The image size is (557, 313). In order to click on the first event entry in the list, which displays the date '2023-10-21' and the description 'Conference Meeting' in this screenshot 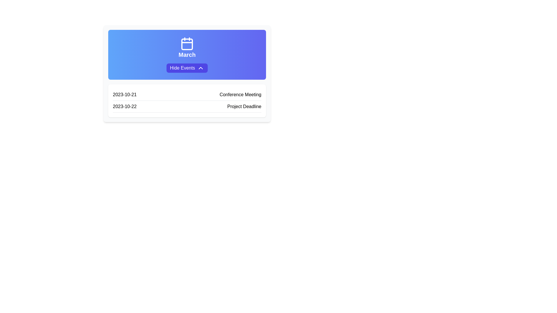, I will do `click(187, 94)`.